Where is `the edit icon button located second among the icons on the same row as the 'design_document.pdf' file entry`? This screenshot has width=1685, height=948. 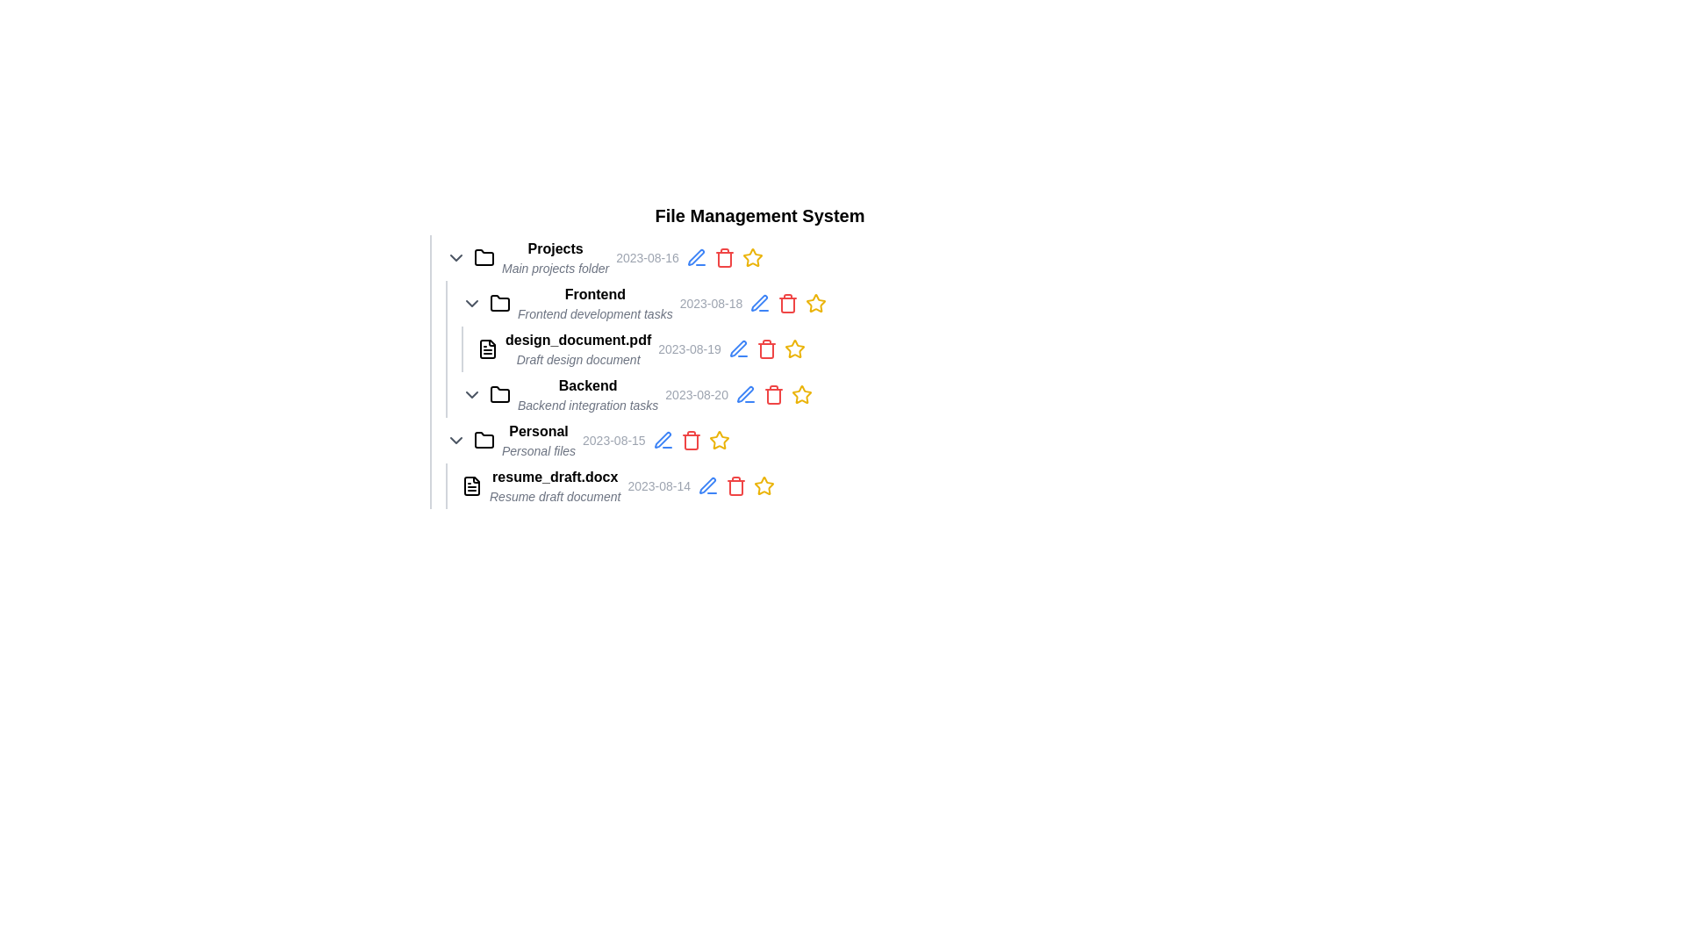
the edit icon button located second among the icons on the same row as the 'design_document.pdf' file entry is located at coordinates (738, 348).